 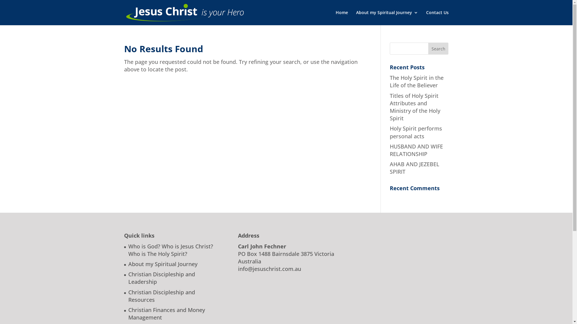 I want to click on 'AHAB AND JEZEBEL SPIRIT', so click(x=389, y=168).